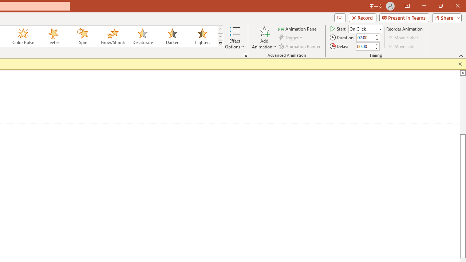  I want to click on 'Start', so click(366, 28).